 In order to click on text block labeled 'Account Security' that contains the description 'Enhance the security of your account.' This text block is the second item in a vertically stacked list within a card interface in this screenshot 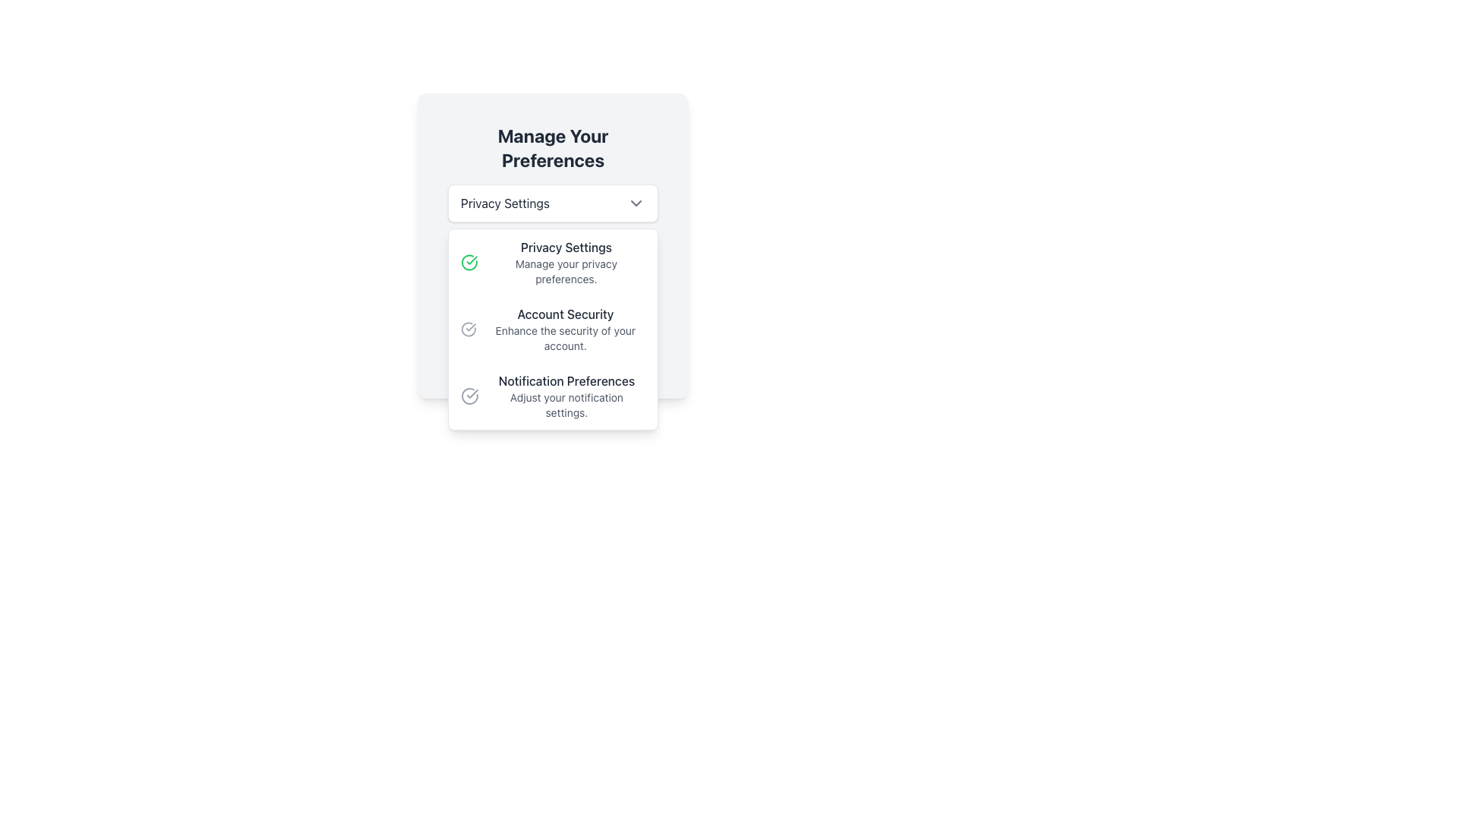, I will do `click(564, 329)`.